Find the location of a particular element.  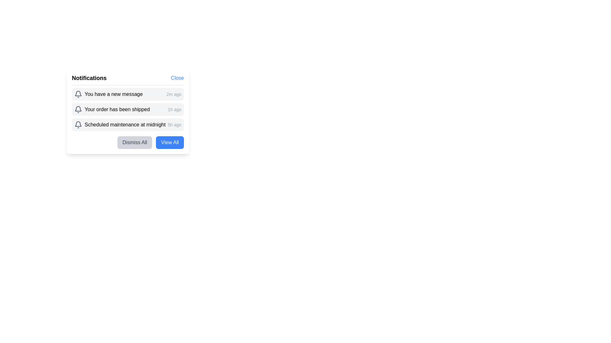

the button that allows users to view all notifications, located at the bottom-right of the 'Notifications' section, to prepare for keyboard interaction is located at coordinates (170, 142).